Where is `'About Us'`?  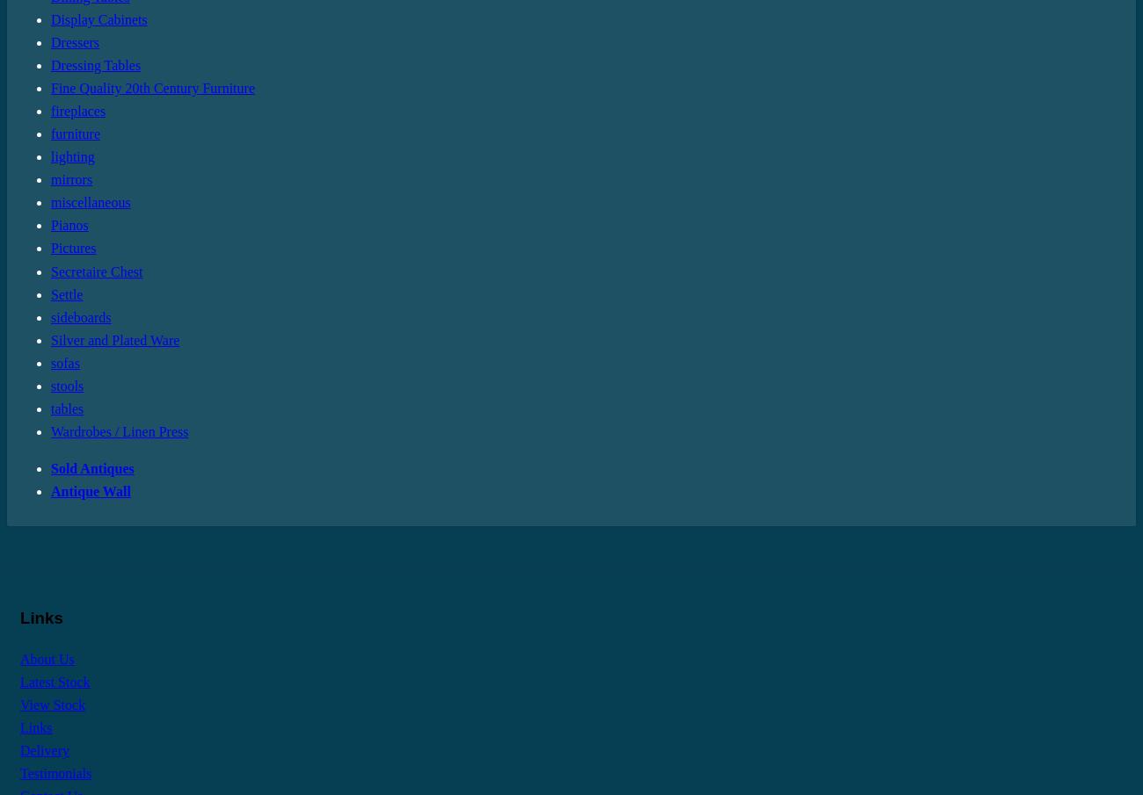
'About Us' is located at coordinates (46, 657).